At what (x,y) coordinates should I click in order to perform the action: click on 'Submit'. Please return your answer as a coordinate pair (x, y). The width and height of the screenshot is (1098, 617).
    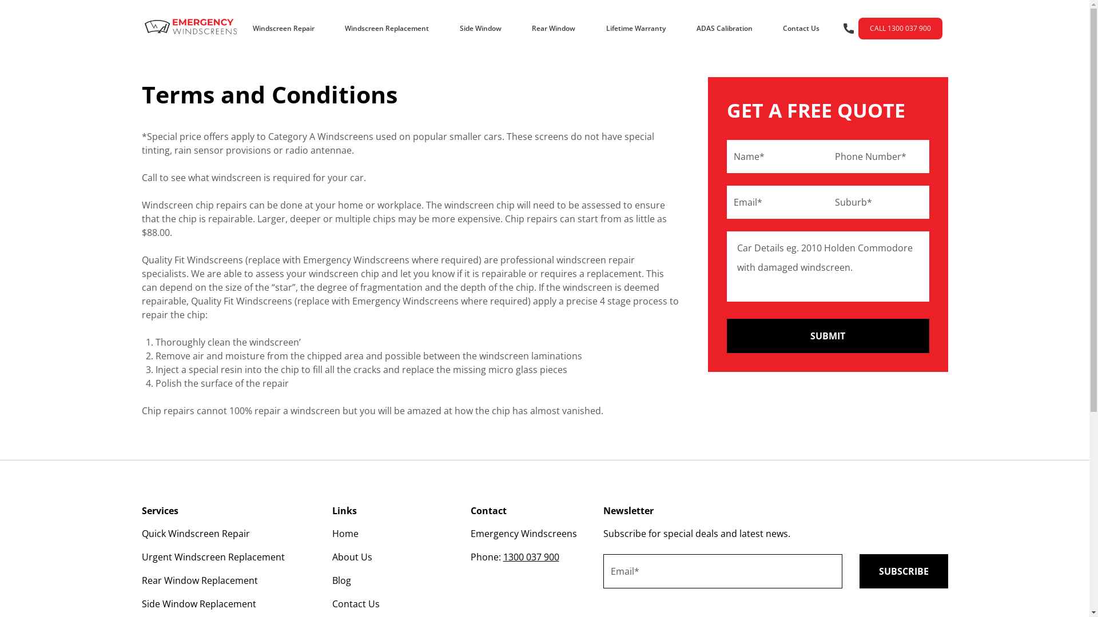
    Looking at the image, I should click on (827, 335).